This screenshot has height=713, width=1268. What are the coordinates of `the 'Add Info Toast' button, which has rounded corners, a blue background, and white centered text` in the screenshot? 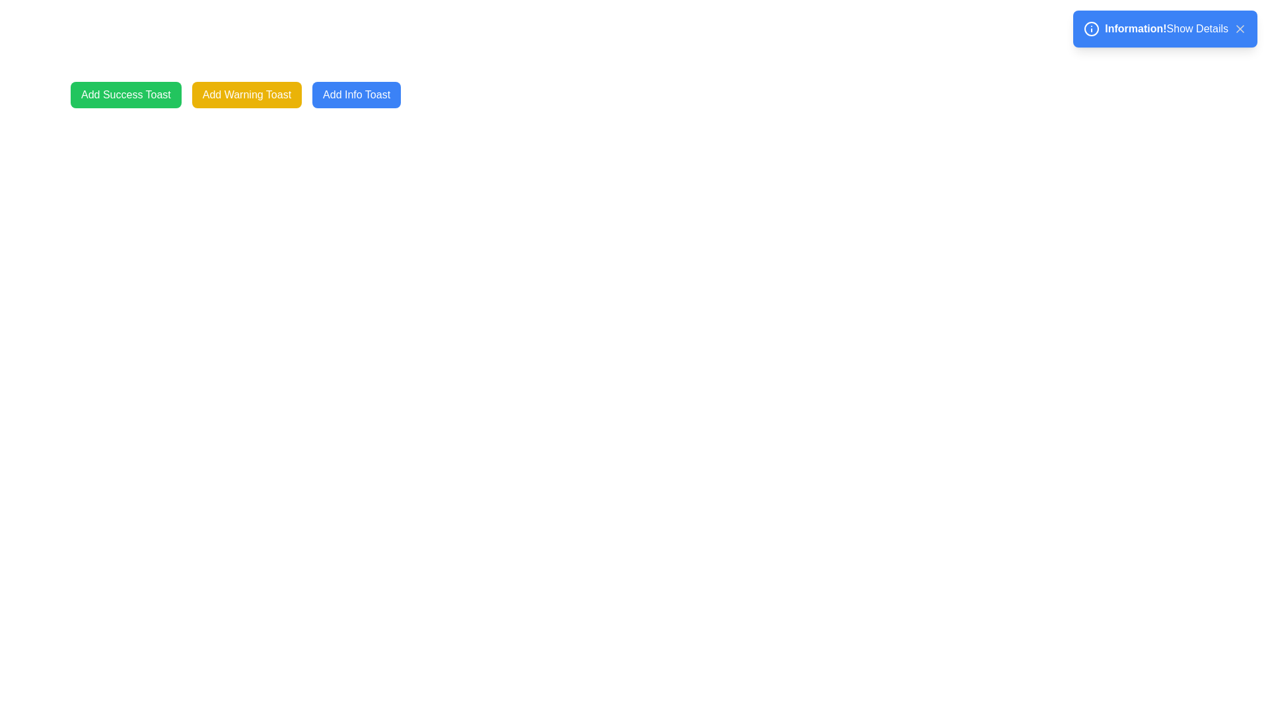 It's located at (356, 94).